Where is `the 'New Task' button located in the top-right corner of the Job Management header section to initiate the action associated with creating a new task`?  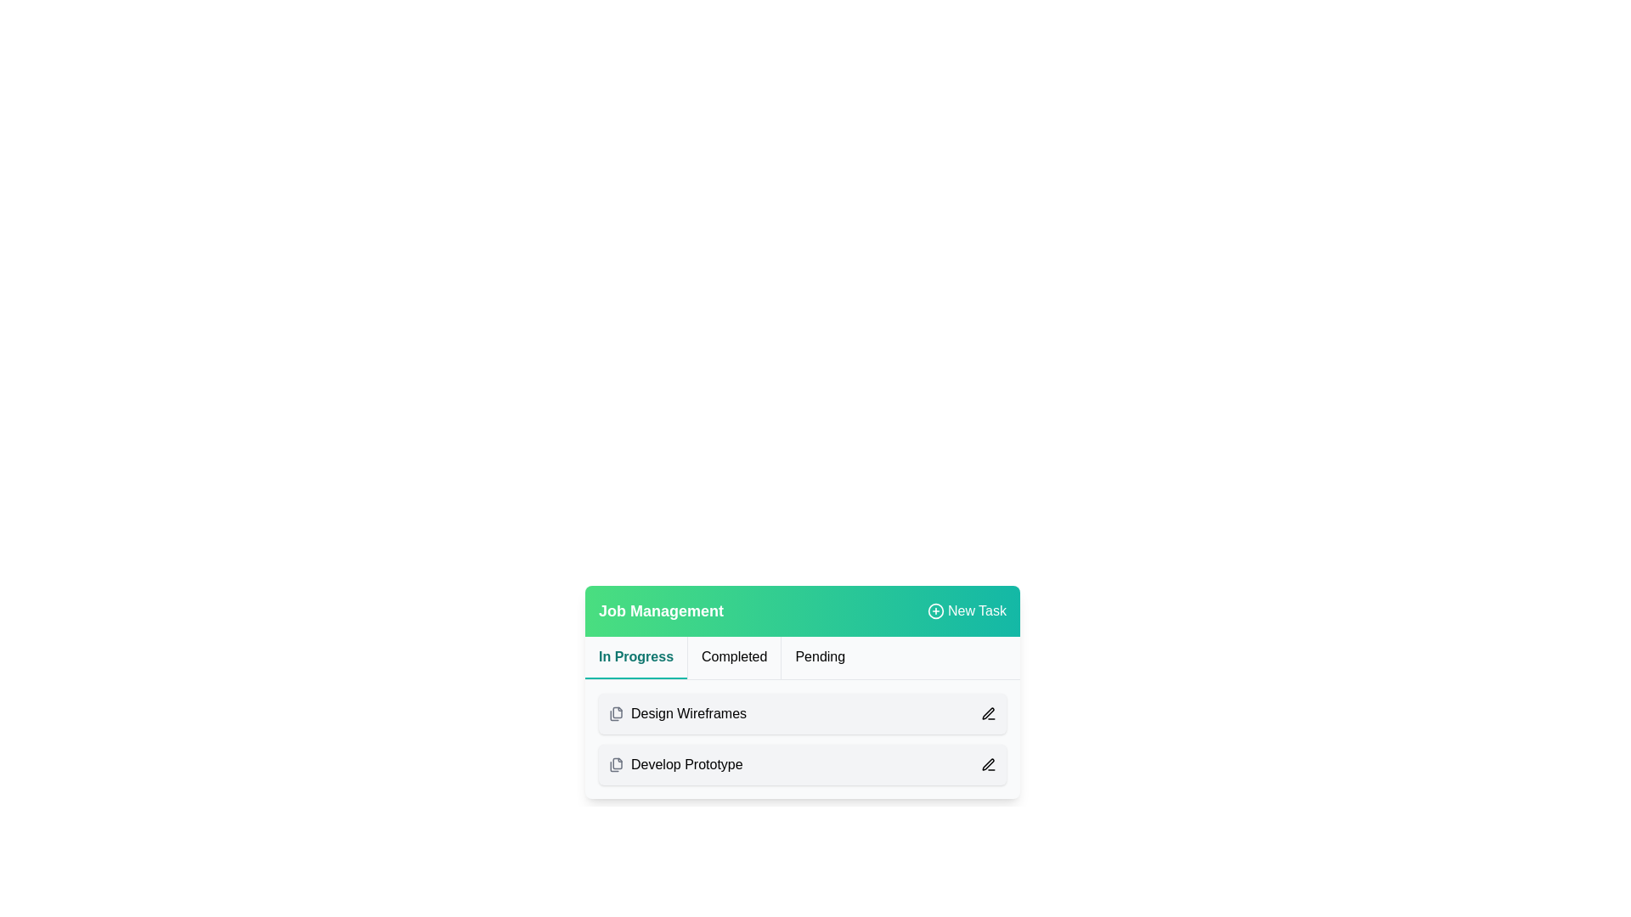
the 'New Task' button located in the top-right corner of the Job Management header section to initiate the action associated with creating a new task is located at coordinates (977, 611).